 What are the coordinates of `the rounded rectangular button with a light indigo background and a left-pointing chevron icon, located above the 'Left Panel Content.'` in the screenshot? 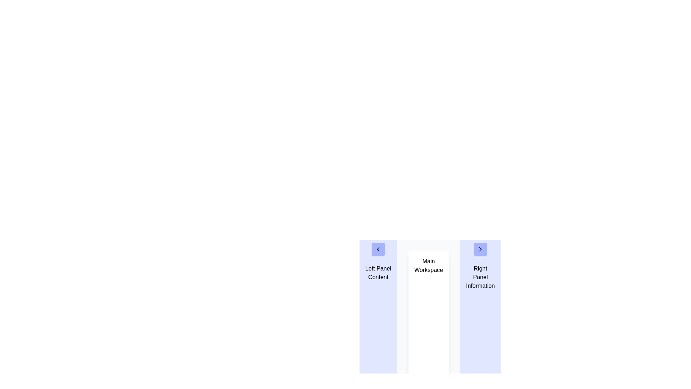 It's located at (378, 249).